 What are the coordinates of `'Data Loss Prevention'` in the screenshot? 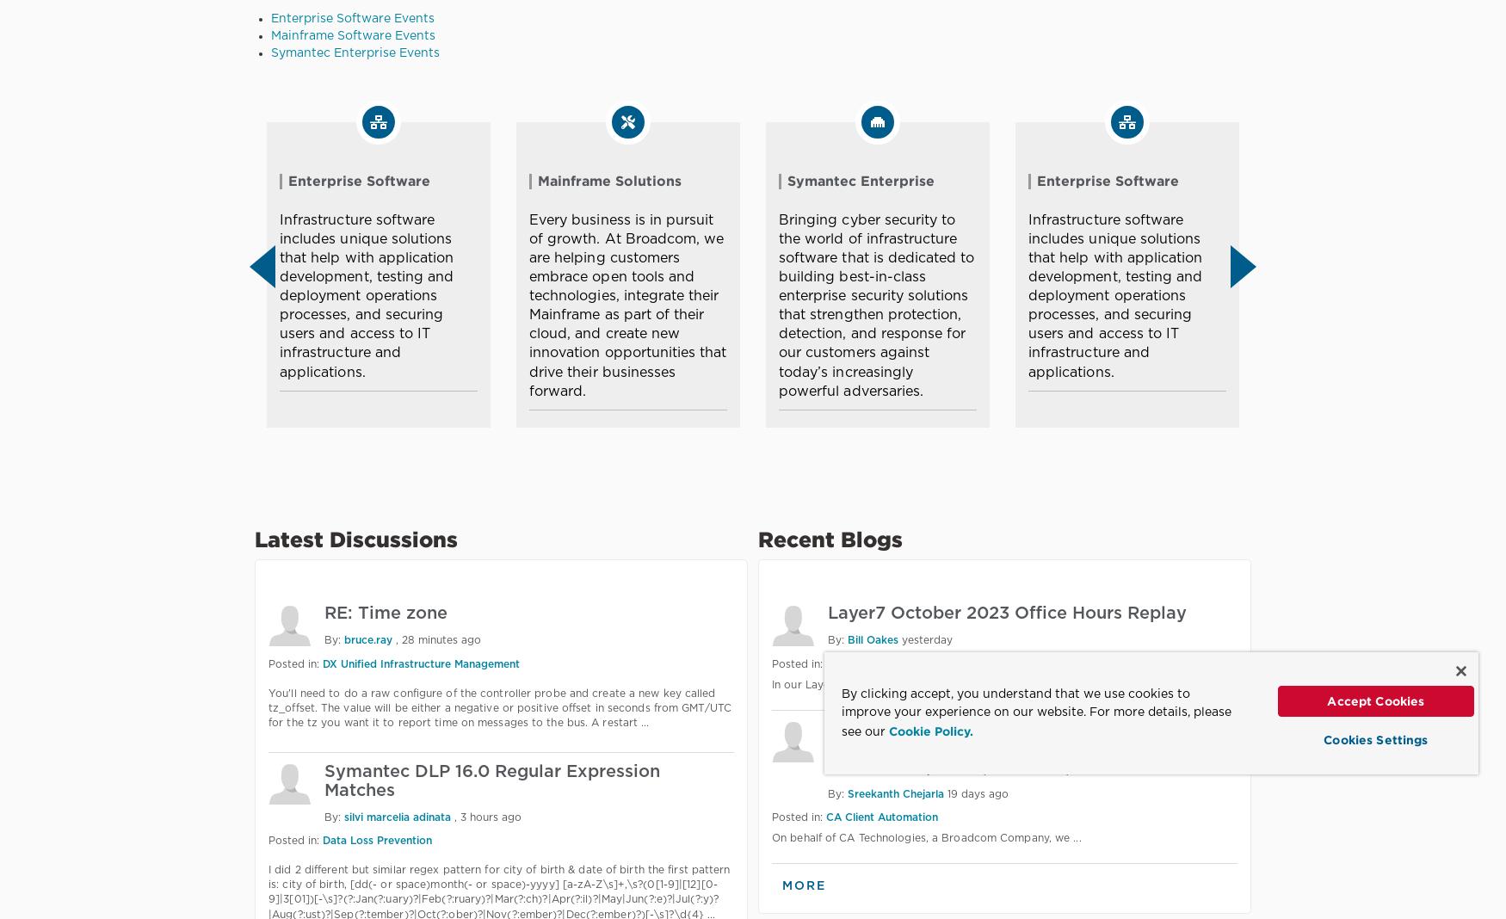 It's located at (323, 841).